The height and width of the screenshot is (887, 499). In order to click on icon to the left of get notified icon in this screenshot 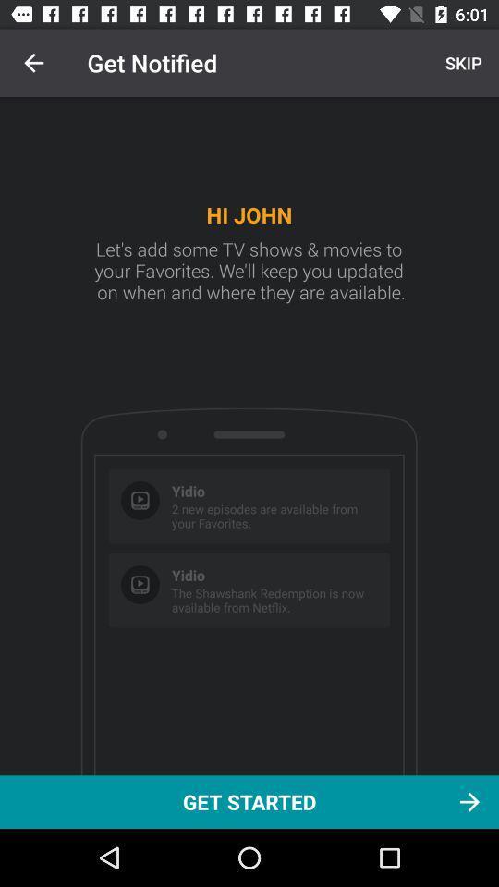, I will do `click(33, 63)`.